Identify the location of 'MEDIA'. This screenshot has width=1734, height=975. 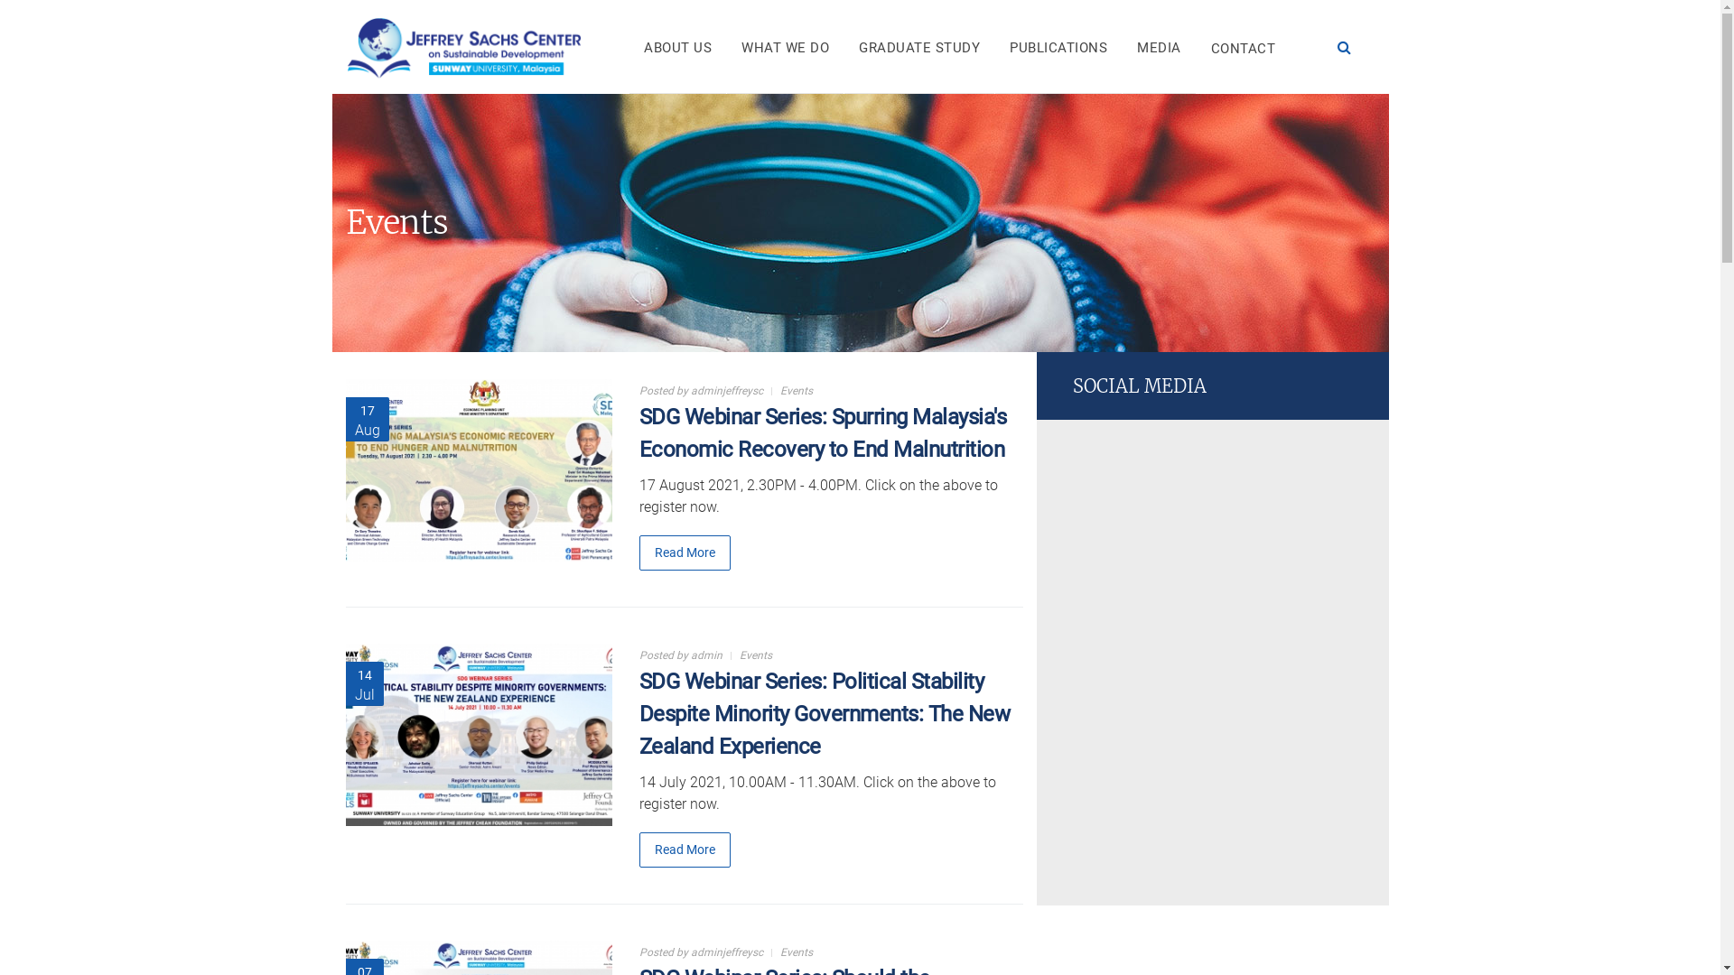
(1159, 45).